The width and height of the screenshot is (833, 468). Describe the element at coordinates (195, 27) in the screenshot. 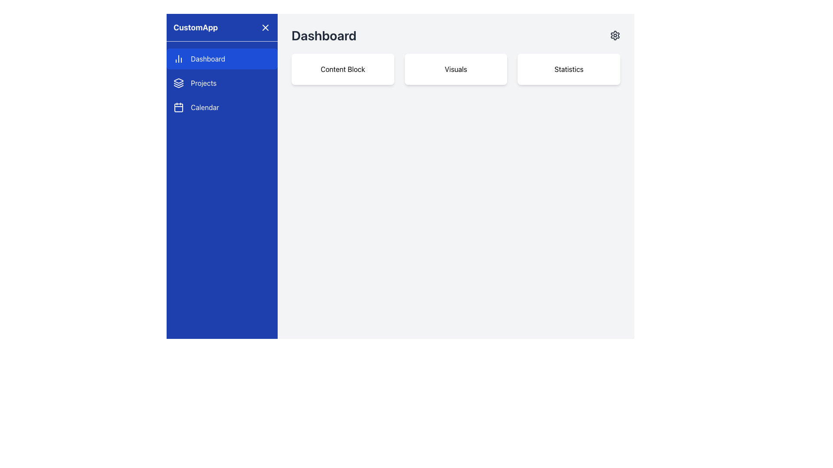

I see `the static text label representing the application name located at the top-left corner of the interface within the horizontal header bar` at that location.